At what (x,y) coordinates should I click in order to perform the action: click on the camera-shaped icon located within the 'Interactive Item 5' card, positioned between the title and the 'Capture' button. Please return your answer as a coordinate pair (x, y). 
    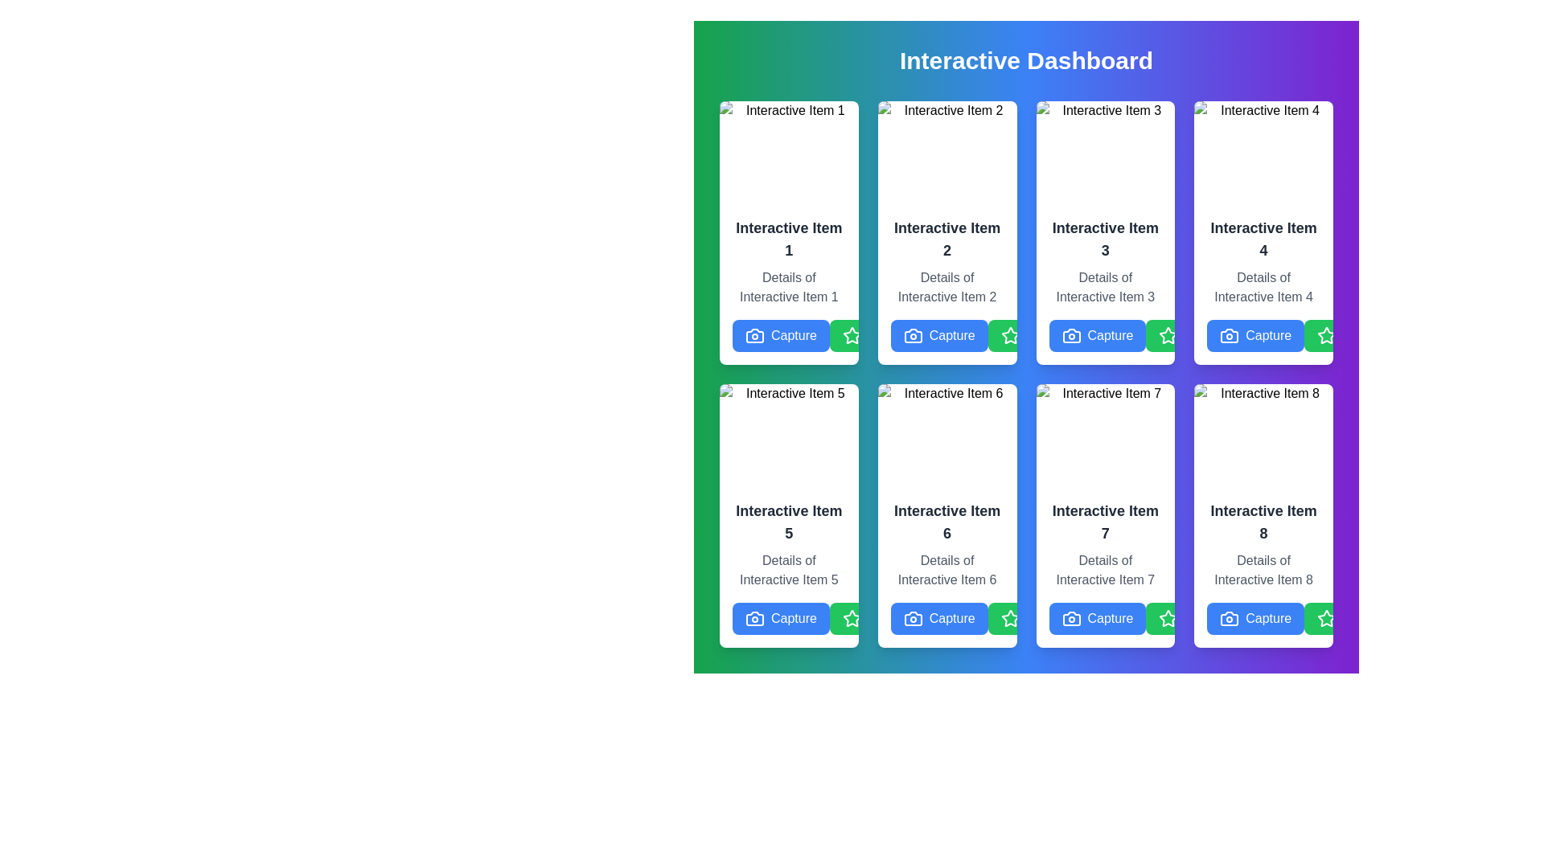
    Looking at the image, I should click on (754, 618).